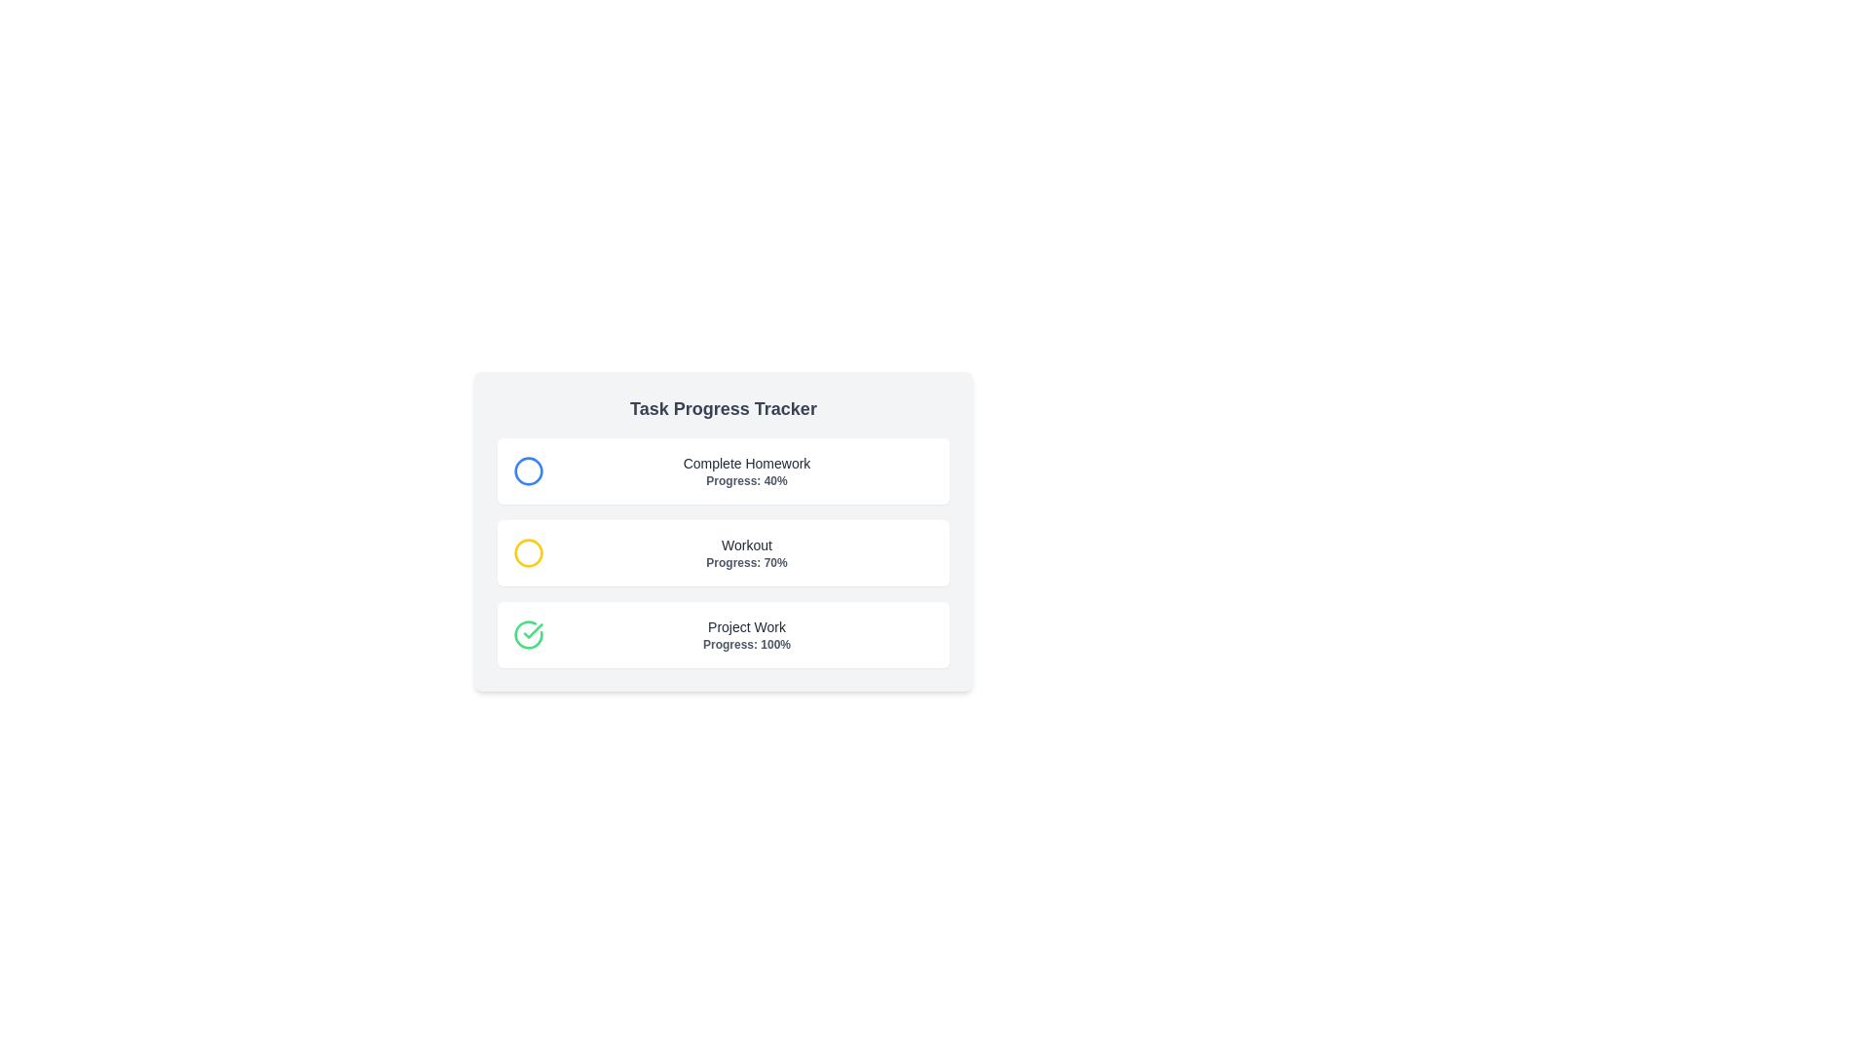 The width and height of the screenshot is (1870, 1052). I want to click on displayed text from the progress indicator of the 'Project Work' task, which is centered within a rectangular card at the bottom of the list of cards, so click(746, 634).